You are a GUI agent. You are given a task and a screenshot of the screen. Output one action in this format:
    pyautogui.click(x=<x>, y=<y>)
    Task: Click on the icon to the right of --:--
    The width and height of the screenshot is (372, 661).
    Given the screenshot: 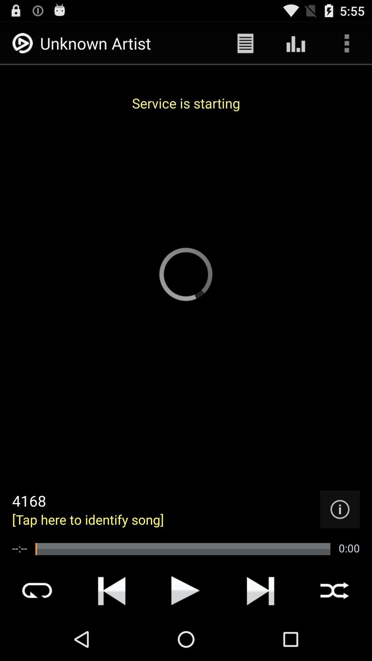 What is the action you would take?
    pyautogui.click(x=183, y=548)
    